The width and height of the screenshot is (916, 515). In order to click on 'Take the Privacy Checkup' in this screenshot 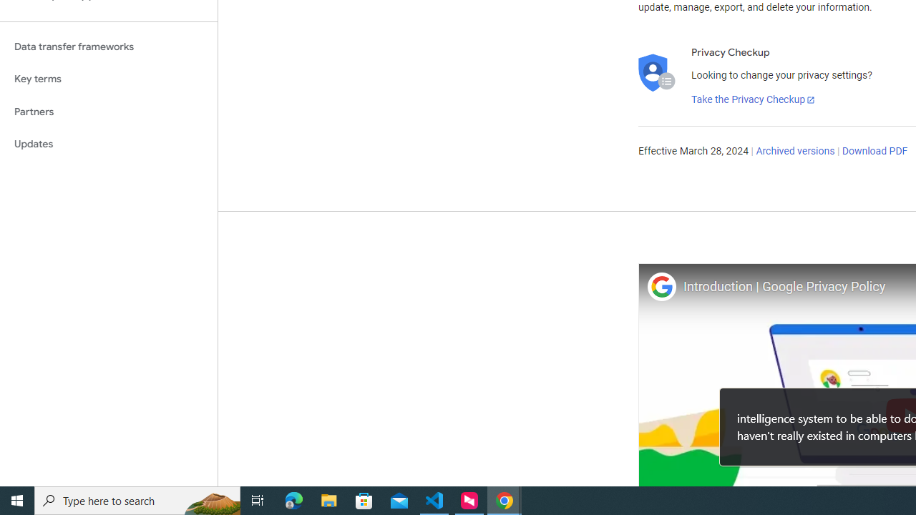, I will do `click(753, 99)`.